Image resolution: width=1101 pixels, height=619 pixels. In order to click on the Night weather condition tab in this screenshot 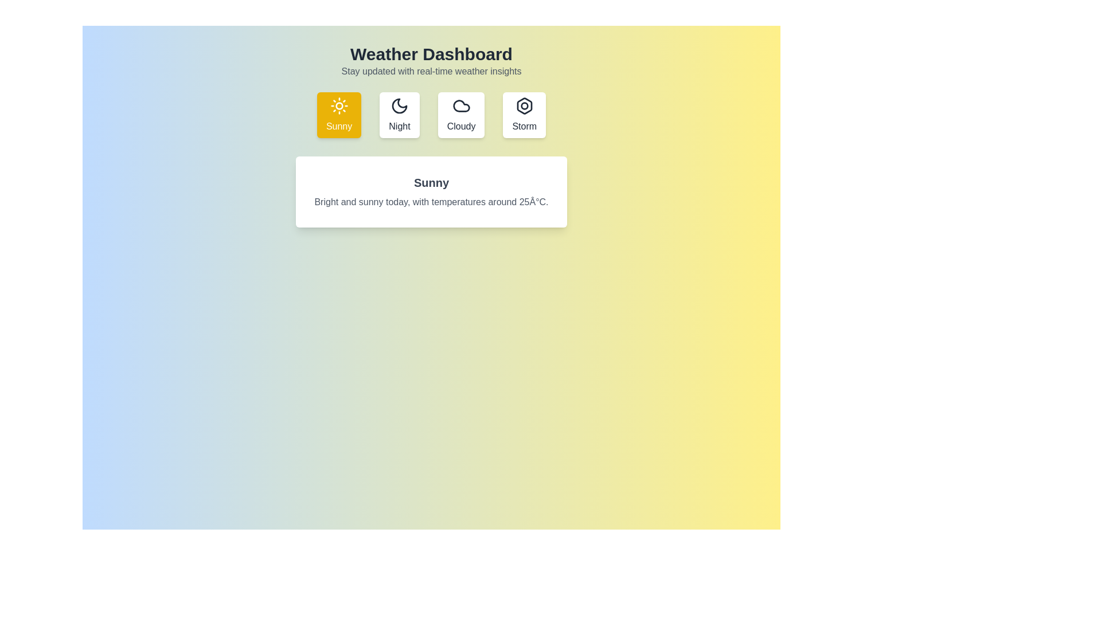, I will do `click(399, 115)`.